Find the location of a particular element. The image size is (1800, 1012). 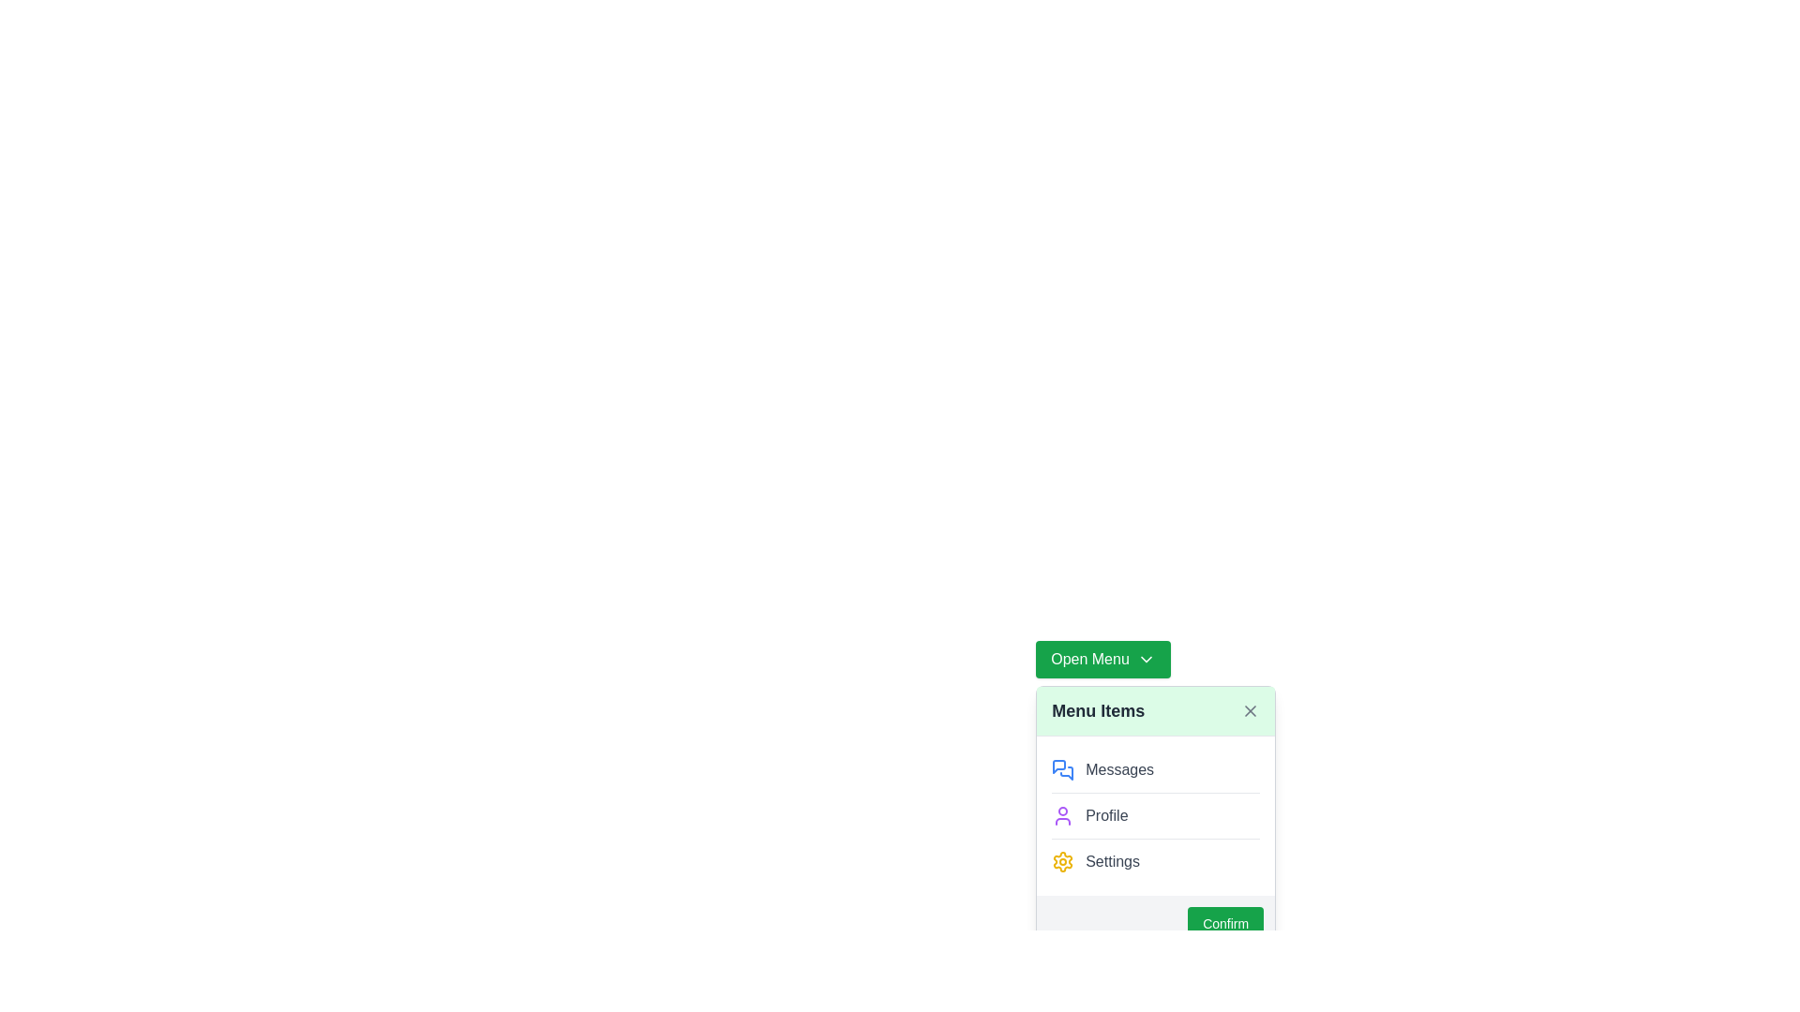

the 'X' shaped close icon located in the top right corner of the 'Menu Items' dropdown menu is located at coordinates (1251, 711).